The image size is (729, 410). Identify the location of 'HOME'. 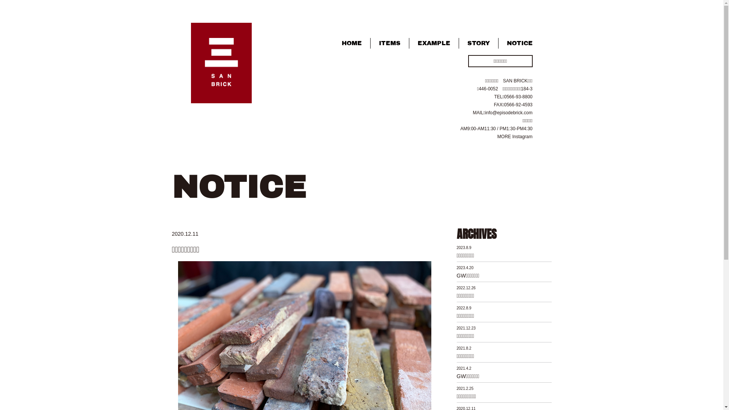
(351, 43).